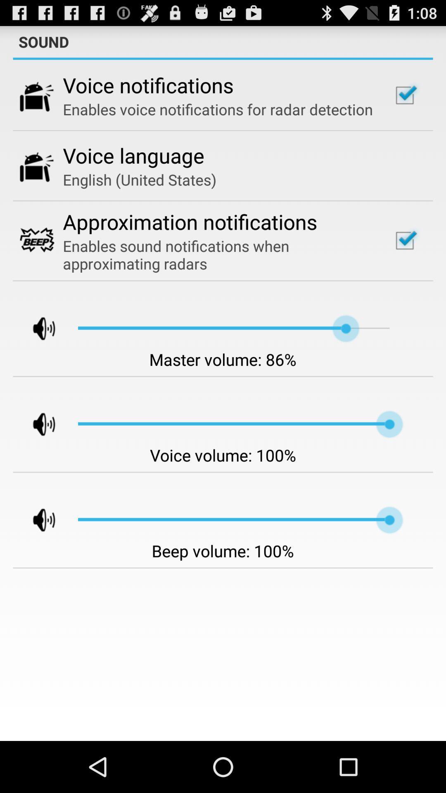 Image resolution: width=446 pixels, height=793 pixels. I want to click on the item below enables voice notifications app, so click(133, 155).